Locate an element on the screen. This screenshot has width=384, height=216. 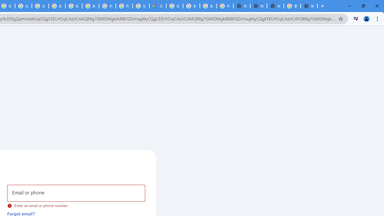
'Sign in - Google Accounts' is located at coordinates (40, 6).